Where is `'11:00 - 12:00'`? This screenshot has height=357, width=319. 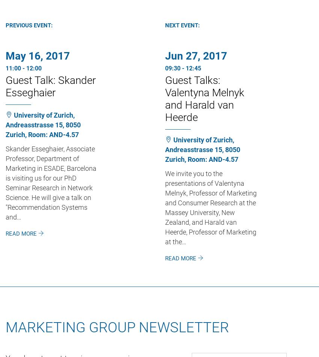 '11:00 - 12:00' is located at coordinates (23, 67).